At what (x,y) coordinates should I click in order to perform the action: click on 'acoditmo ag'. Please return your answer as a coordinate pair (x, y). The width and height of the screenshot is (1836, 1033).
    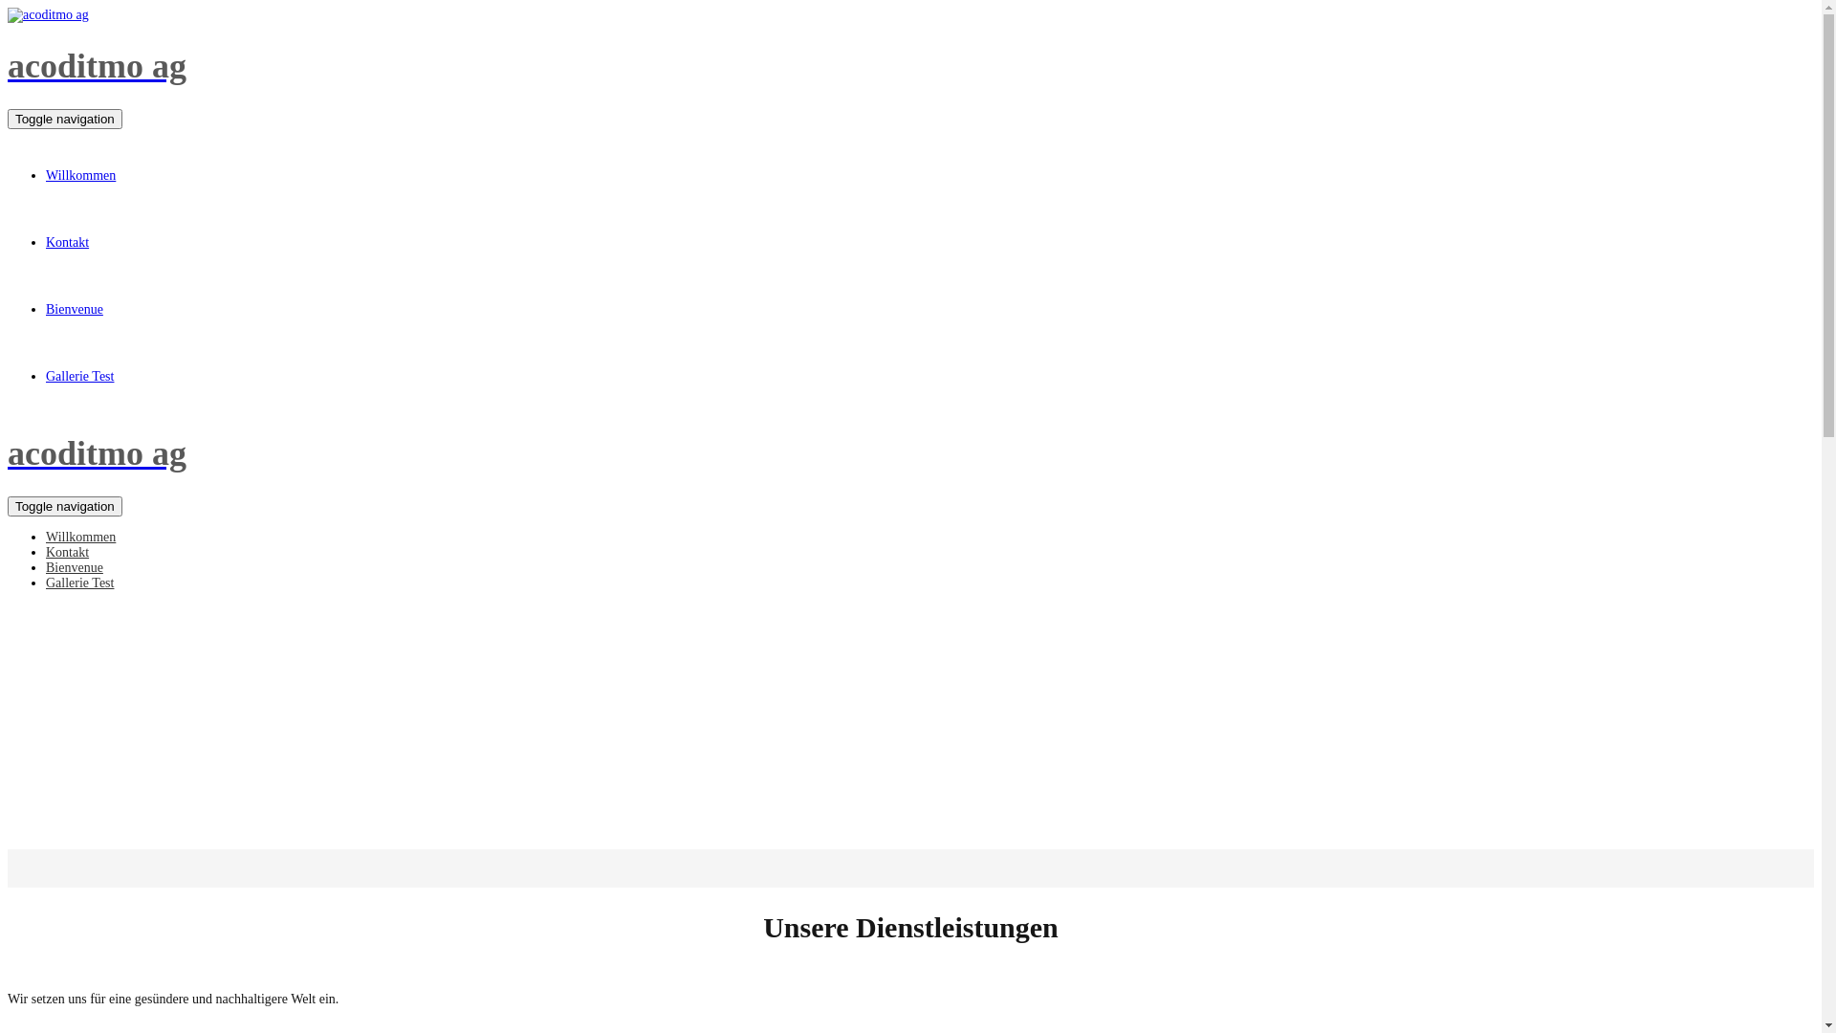
    Looking at the image, I should click on (909, 453).